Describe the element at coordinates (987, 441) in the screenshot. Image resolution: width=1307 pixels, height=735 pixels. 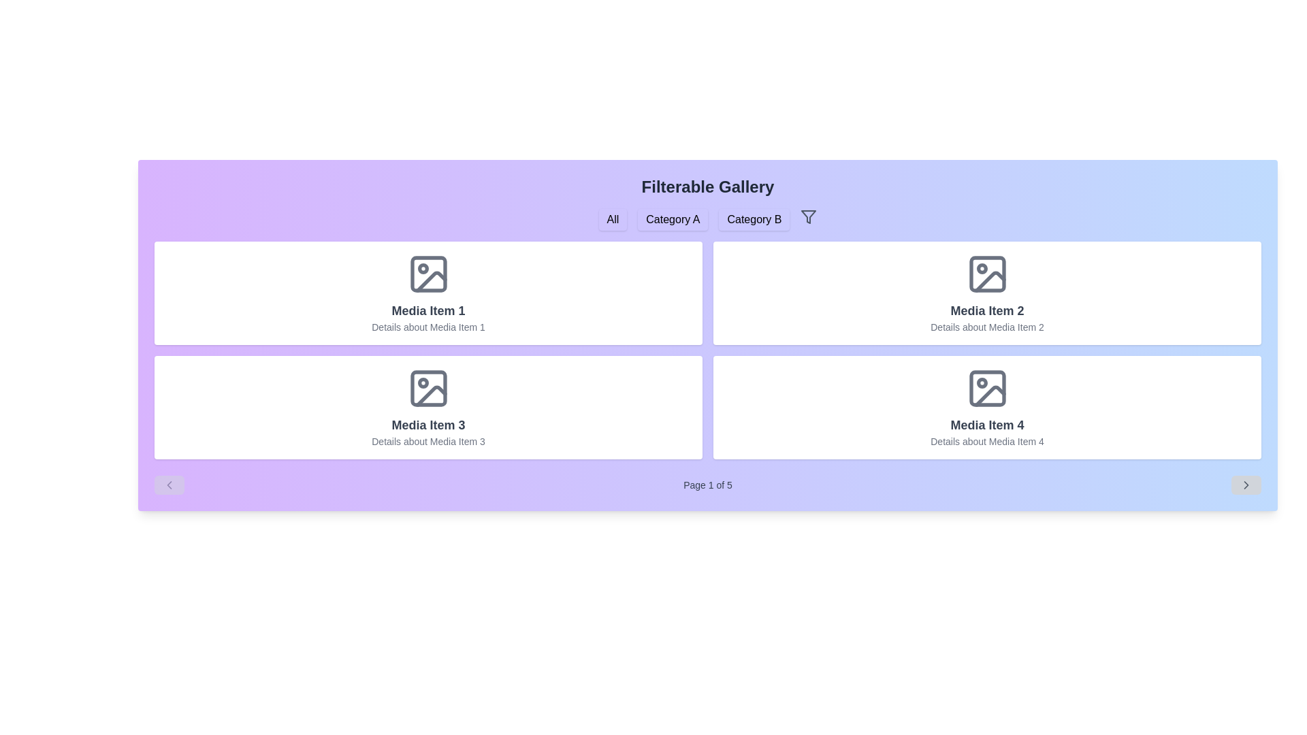
I see `the text label that displays 'Details about Media Item 4', which is located underneath the centered text 'Media Item 4' in the bottom-right card of a four-card grid layout` at that location.